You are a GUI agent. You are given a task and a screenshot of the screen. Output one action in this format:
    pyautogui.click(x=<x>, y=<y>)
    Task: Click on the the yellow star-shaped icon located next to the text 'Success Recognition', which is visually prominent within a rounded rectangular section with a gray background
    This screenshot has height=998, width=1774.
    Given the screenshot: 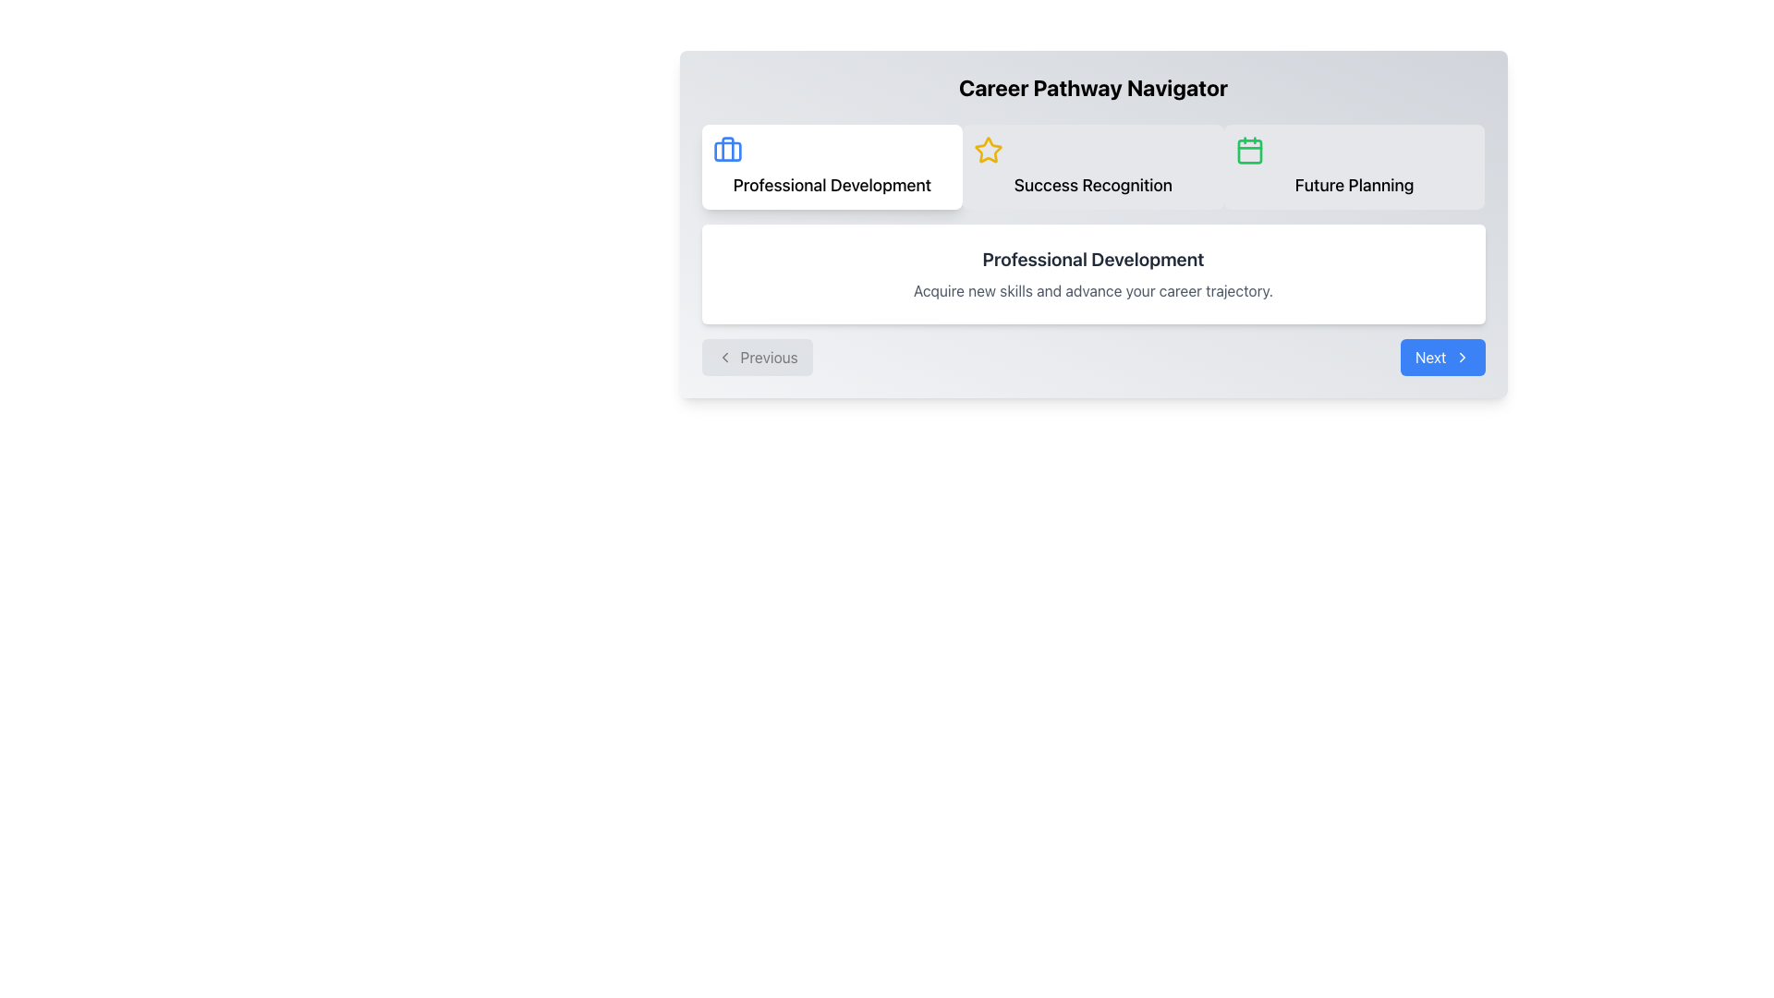 What is the action you would take?
    pyautogui.click(x=988, y=149)
    